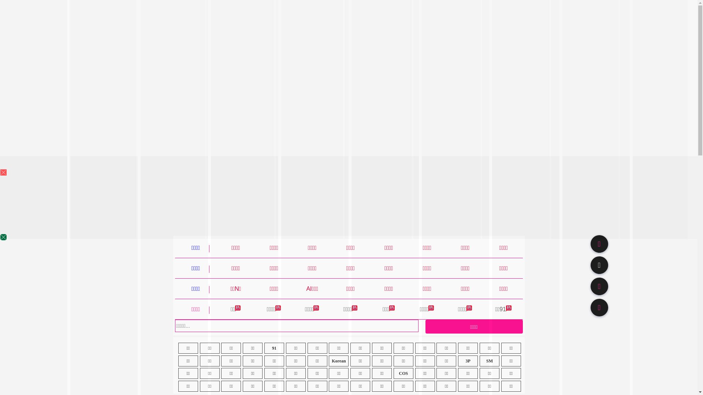 This screenshot has width=703, height=395. Describe the element at coordinates (490, 361) in the screenshot. I see `'SM'` at that location.